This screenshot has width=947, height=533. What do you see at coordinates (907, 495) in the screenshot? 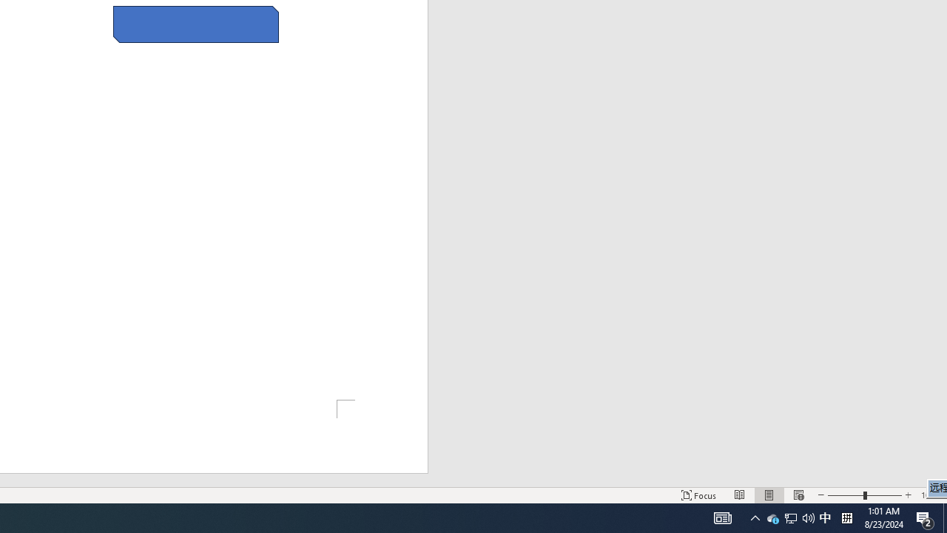
I see `'Zoom In'` at bounding box center [907, 495].